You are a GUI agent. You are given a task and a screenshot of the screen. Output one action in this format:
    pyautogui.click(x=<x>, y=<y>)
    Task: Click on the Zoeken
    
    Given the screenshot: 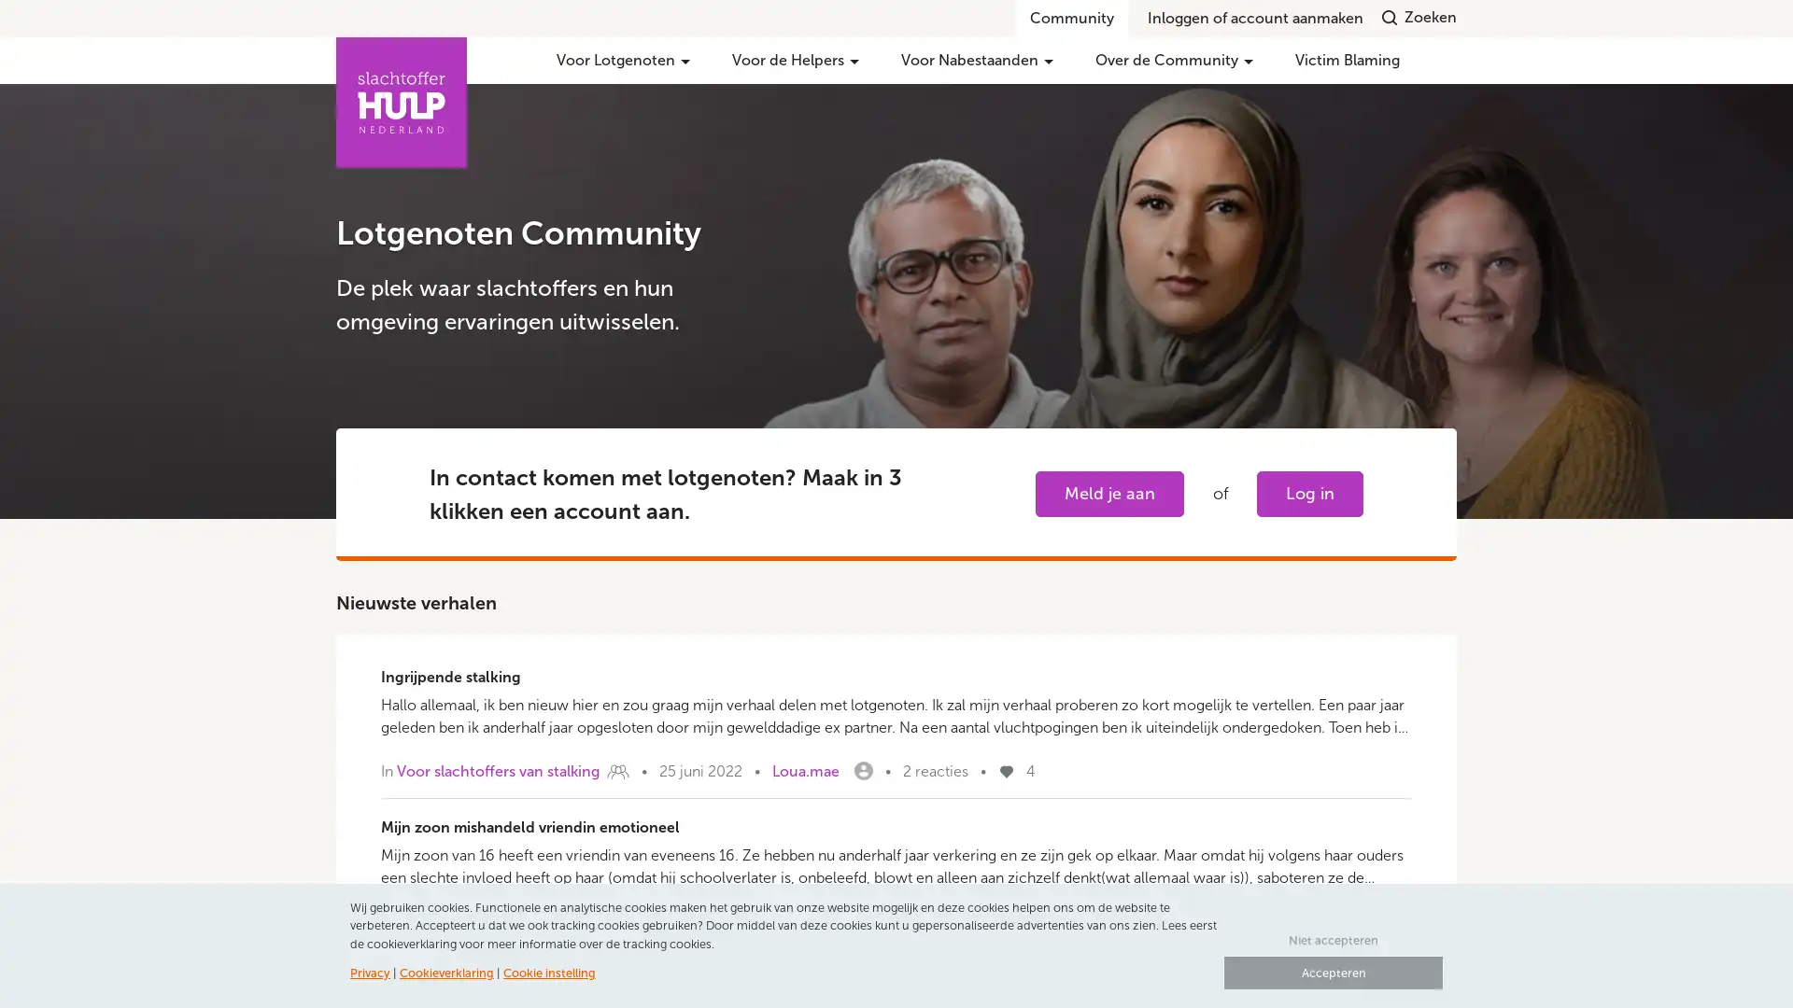 What is the action you would take?
    pyautogui.click(x=1419, y=17)
    